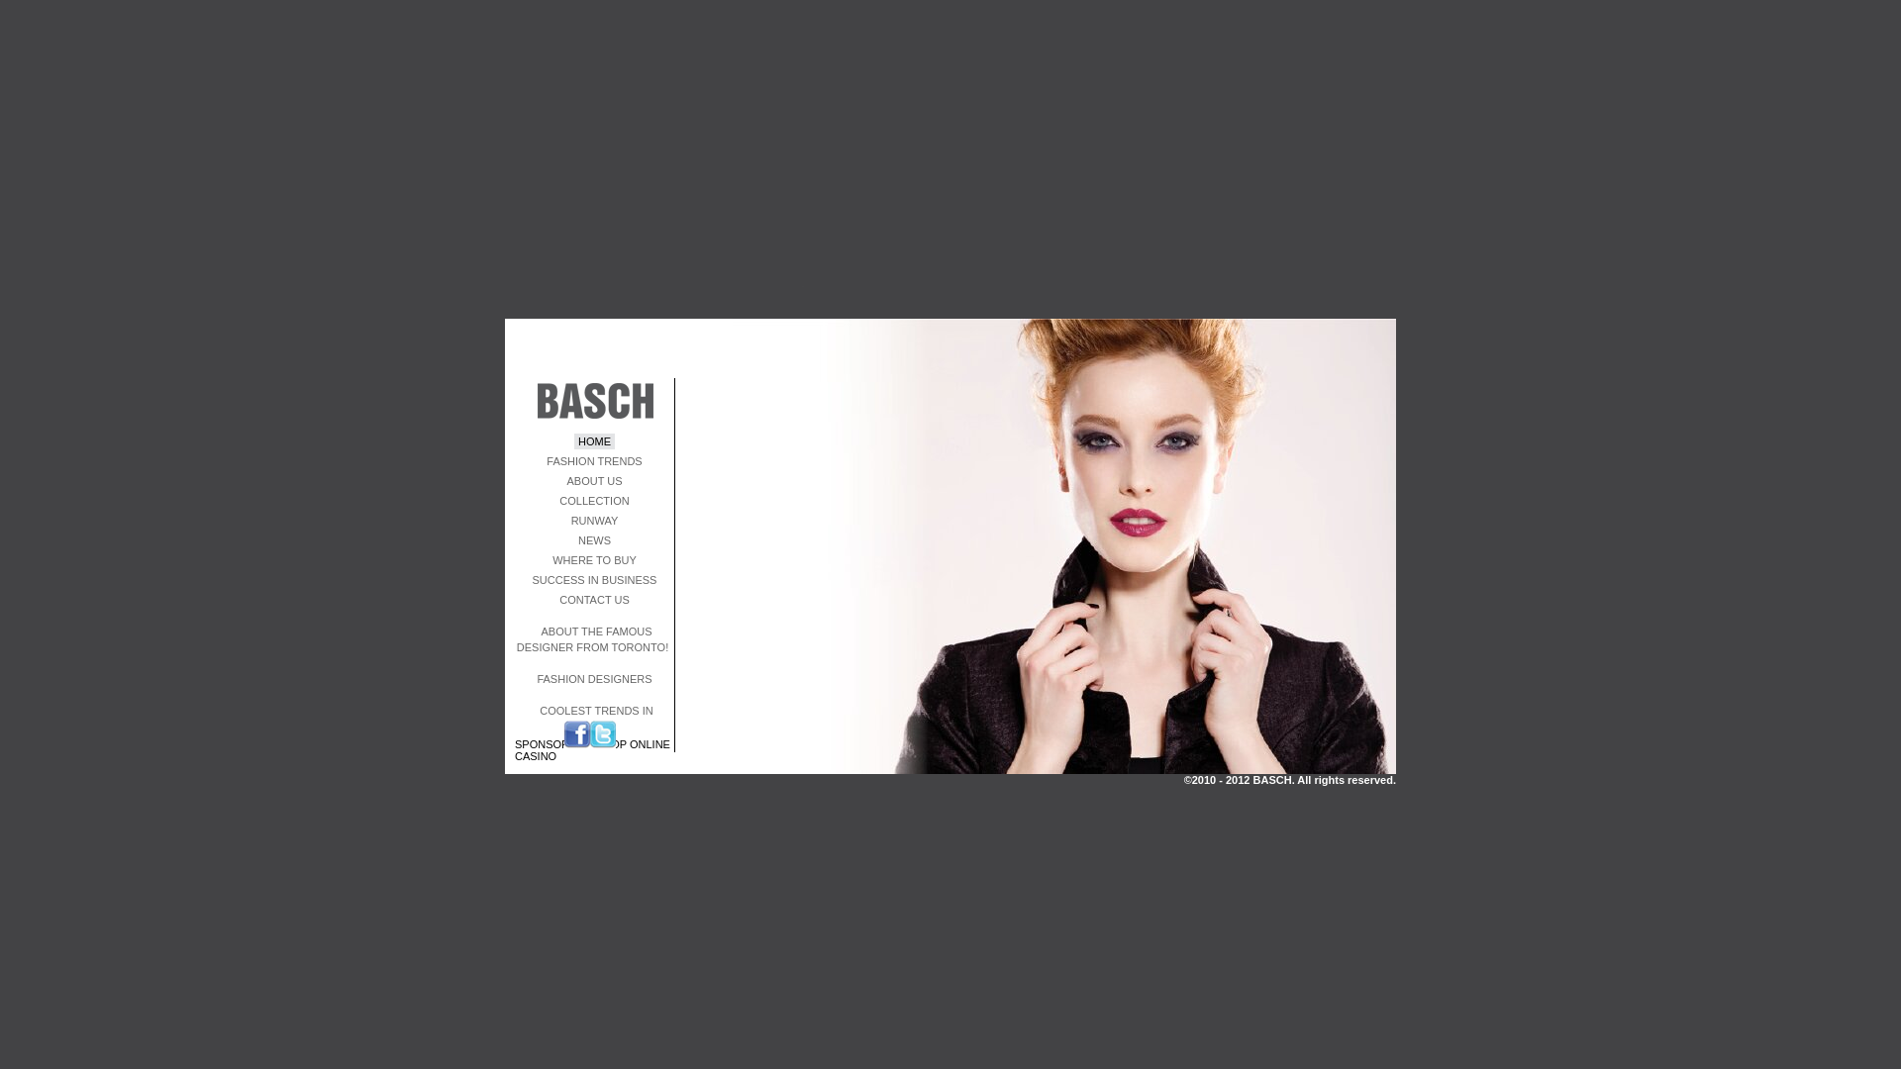 This screenshot has height=1069, width=1901. I want to click on 'RUNWAY', so click(593, 519).